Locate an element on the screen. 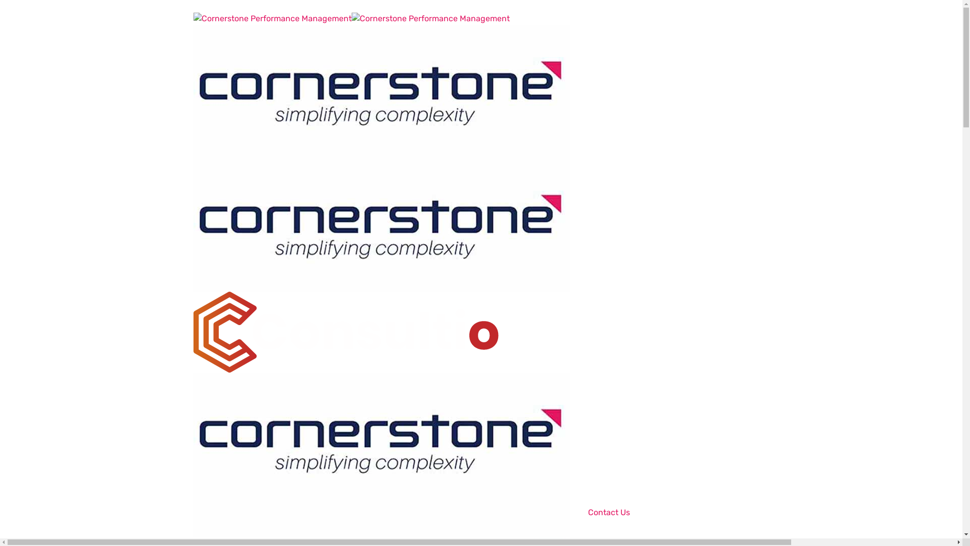 Image resolution: width=970 pixels, height=546 pixels. 'Cornerstone Performance Management' is located at coordinates (272, 18).